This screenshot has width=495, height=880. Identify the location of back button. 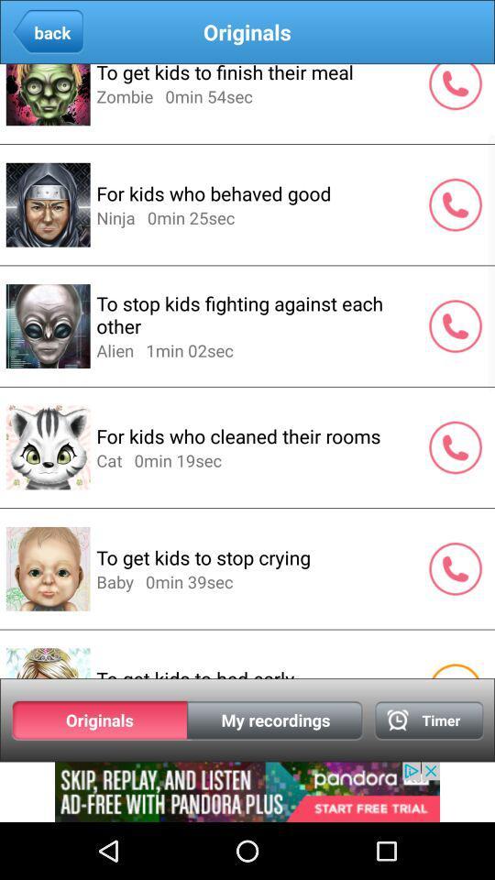
(48, 32).